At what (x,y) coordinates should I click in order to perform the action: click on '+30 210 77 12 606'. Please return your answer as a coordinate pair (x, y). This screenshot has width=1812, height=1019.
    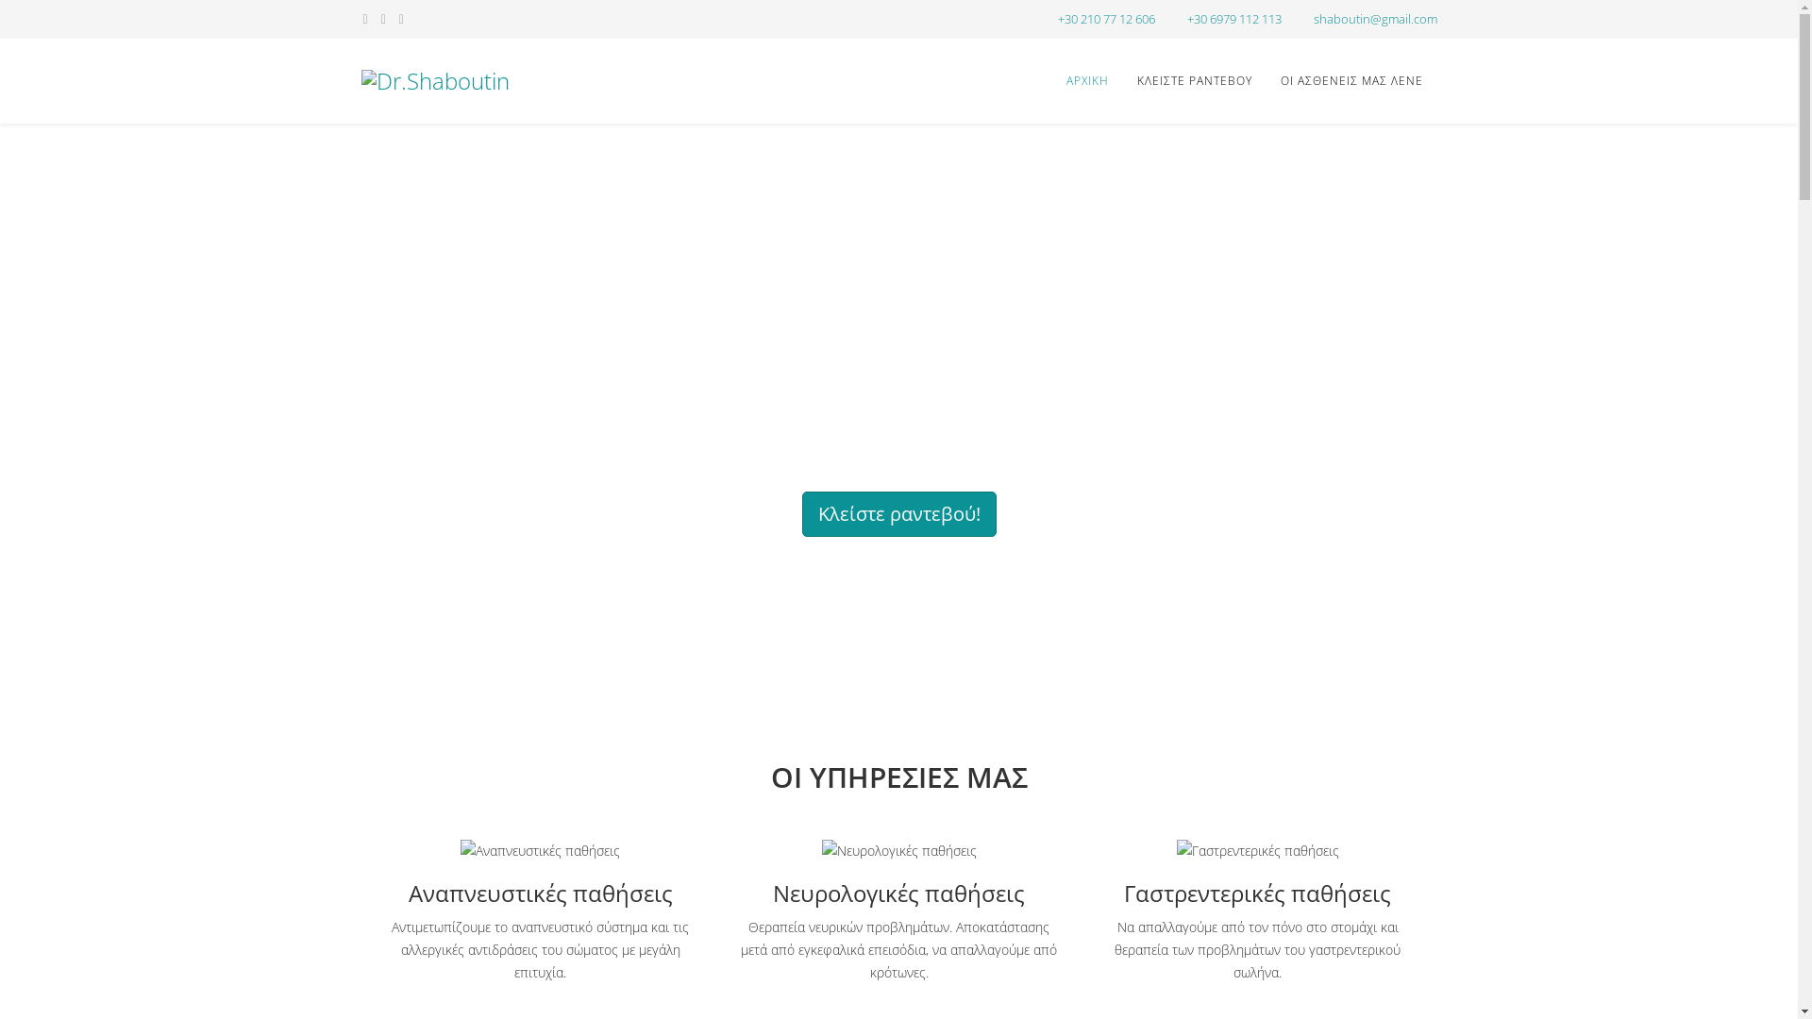
    Looking at the image, I should click on (1058, 19).